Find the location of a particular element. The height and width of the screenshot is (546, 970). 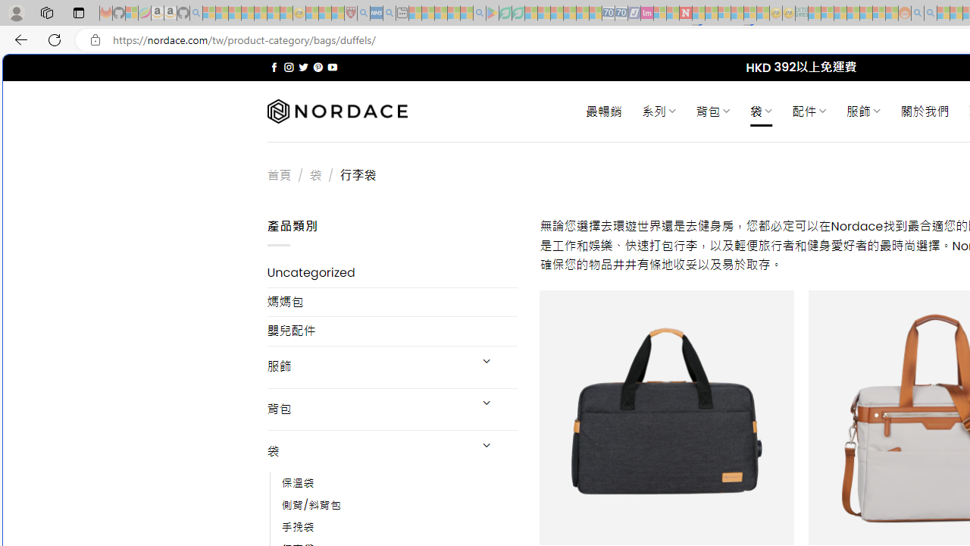

'Follow on Instagram' is located at coordinates (289, 67).